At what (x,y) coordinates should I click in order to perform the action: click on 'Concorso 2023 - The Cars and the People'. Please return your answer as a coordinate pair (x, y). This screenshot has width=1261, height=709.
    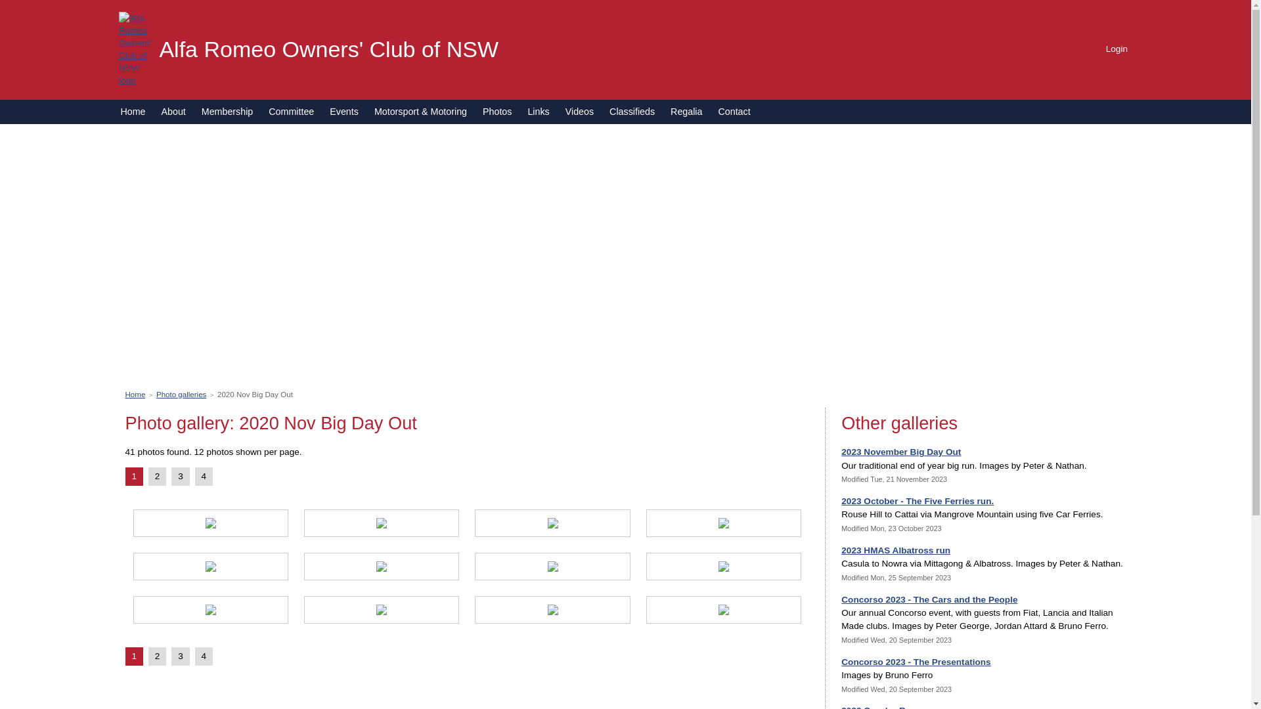
    Looking at the image, I should click on (929, 599).